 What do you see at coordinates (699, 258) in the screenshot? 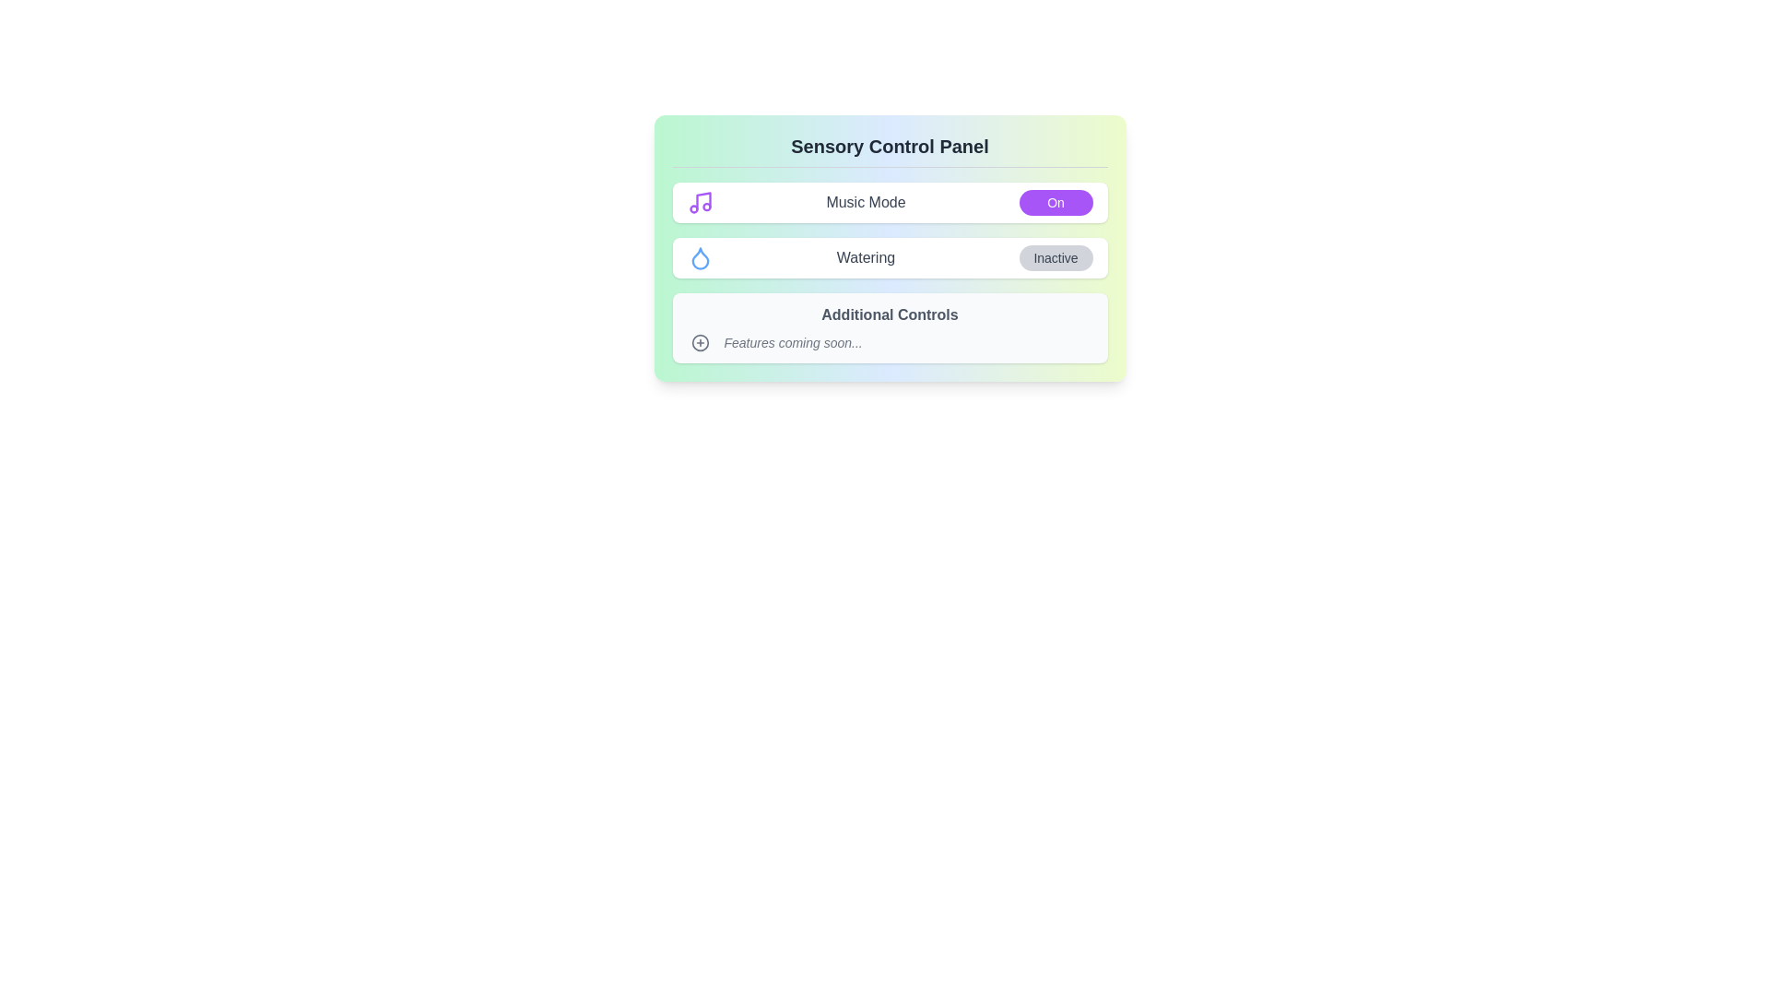
I see `the droplet-shaped blue icon located in the second row of the sensory control panel, positioned to the left of the 'Watering' label` at bounding box center [699, 258].